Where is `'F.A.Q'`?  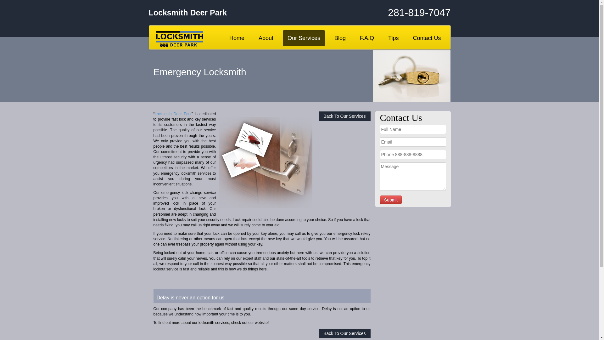
'F.A.Q' is located at coordinates (367, 38).